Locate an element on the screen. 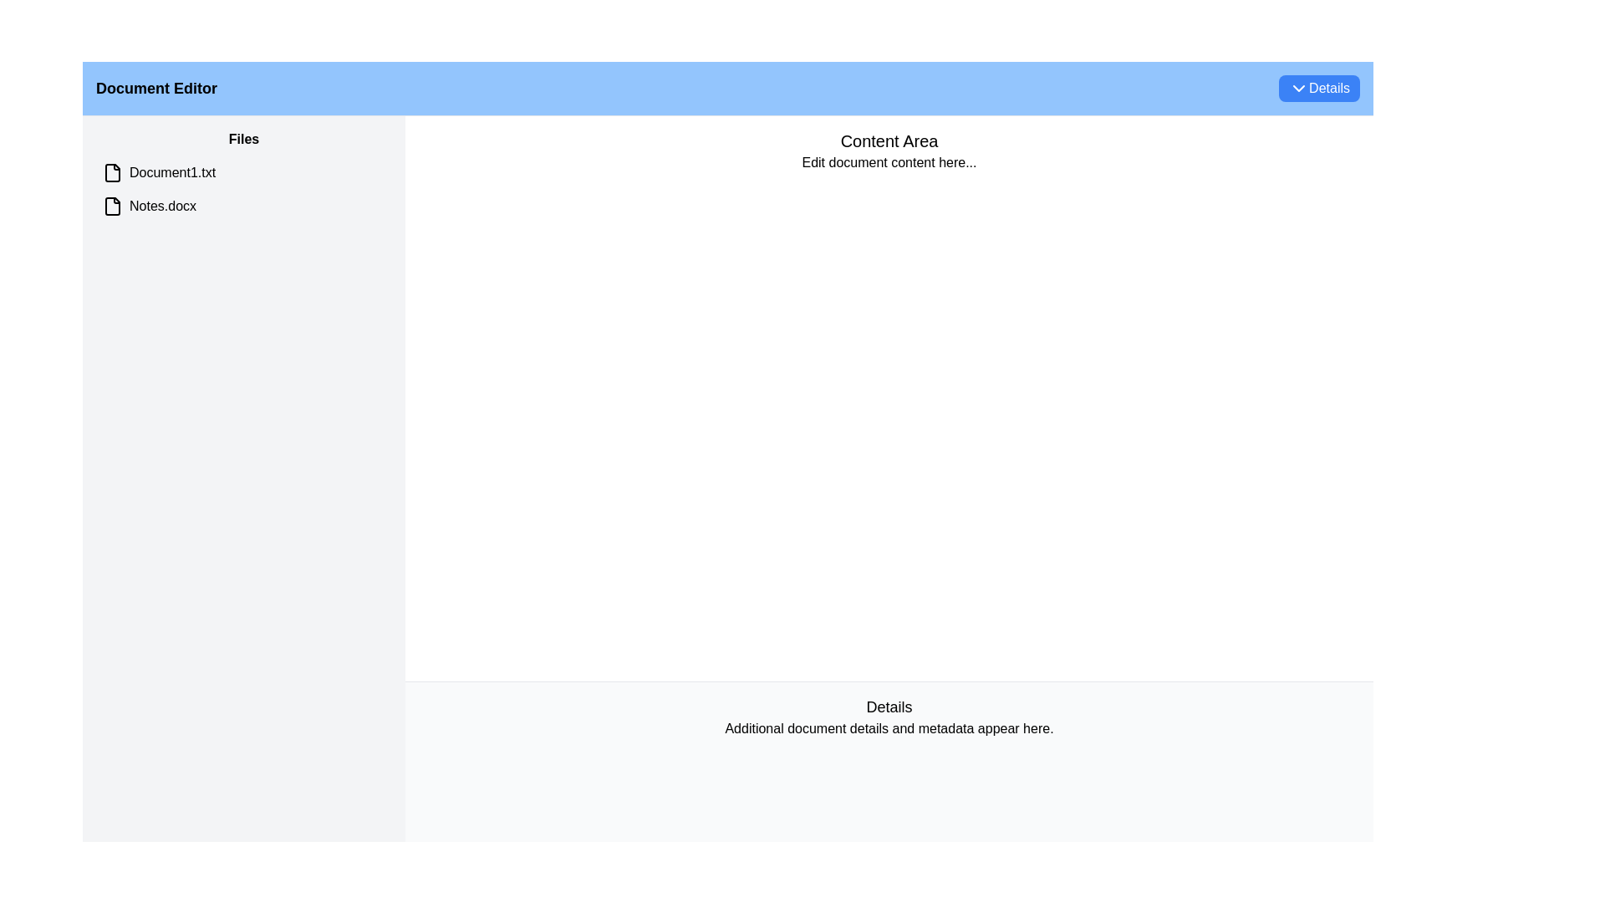 Image resolution: width=1605 pixels, height=903 pixels. the document icon located on the left side of the interface next to the 'Document1.txt' label is located at coordinates (111, 173).